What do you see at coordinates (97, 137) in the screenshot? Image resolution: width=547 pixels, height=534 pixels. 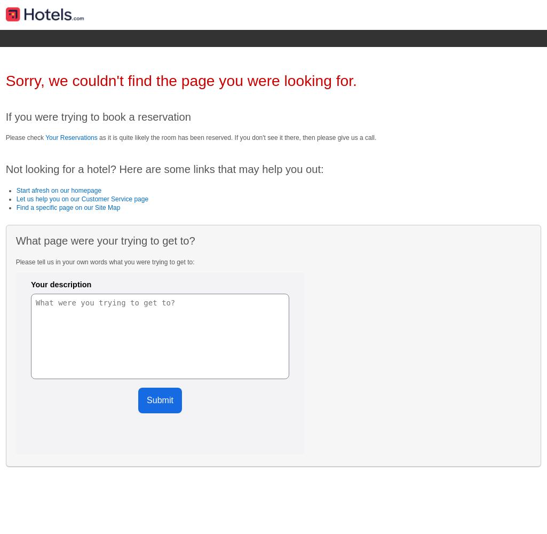 I see `'as it is quite likely the room has been reserved. If you don't see it there, then please give us a call.'` at bounding box center [97, 137].